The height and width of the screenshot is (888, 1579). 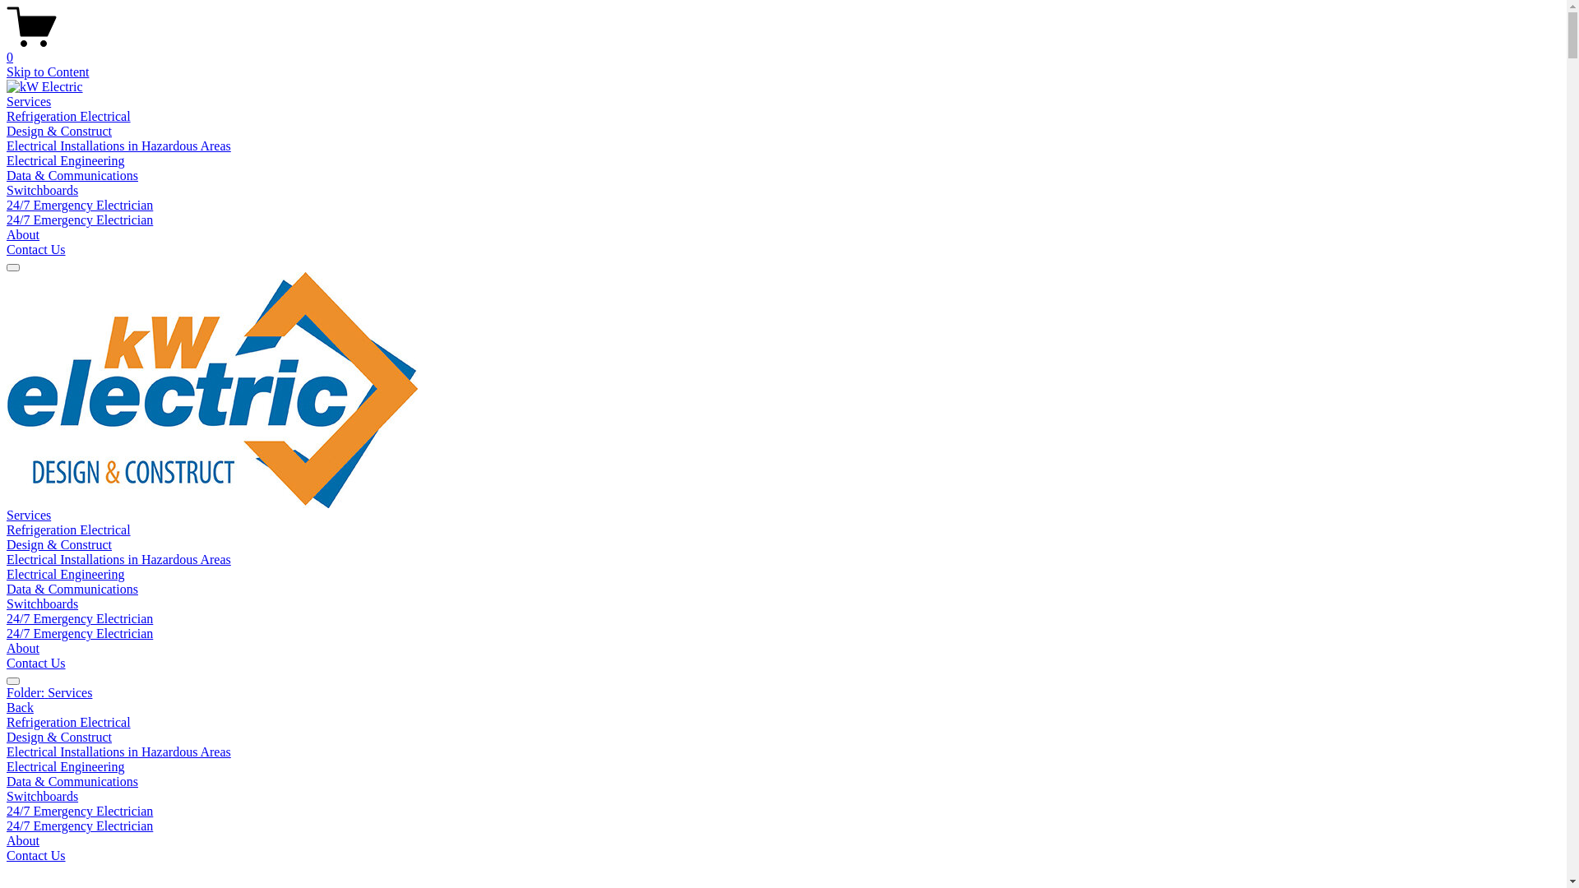 I want to click on 'Back', so click(x=20, y=706).